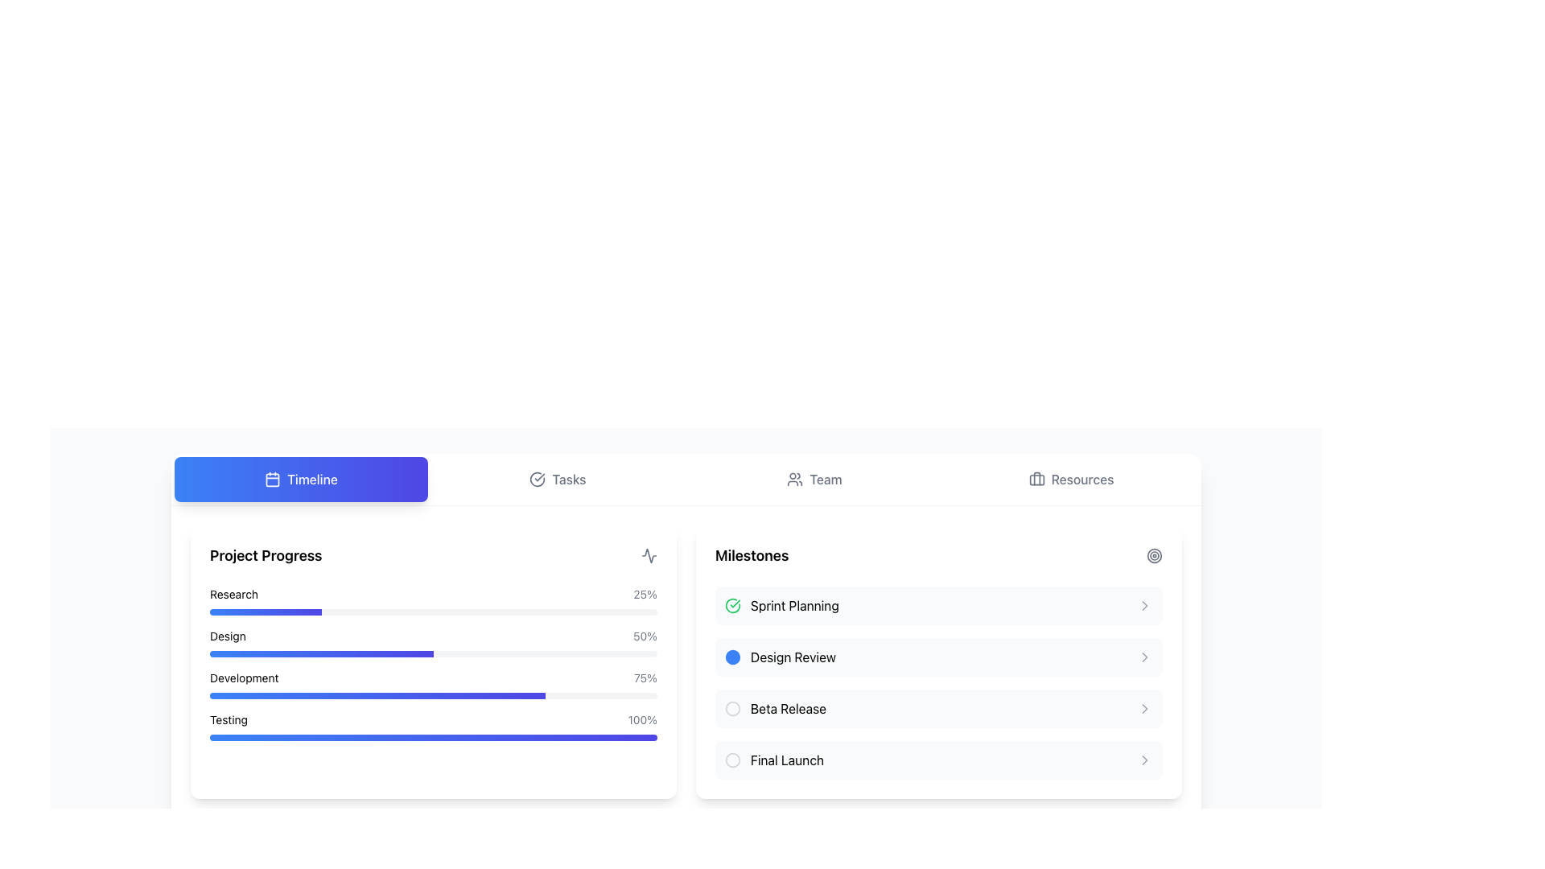  What do you see at coordinates (794, 605) in the screenshot?
I see `the first Text label in the Milestones section which identifies the corresponding milestone item` at bounding box center [794, 605].